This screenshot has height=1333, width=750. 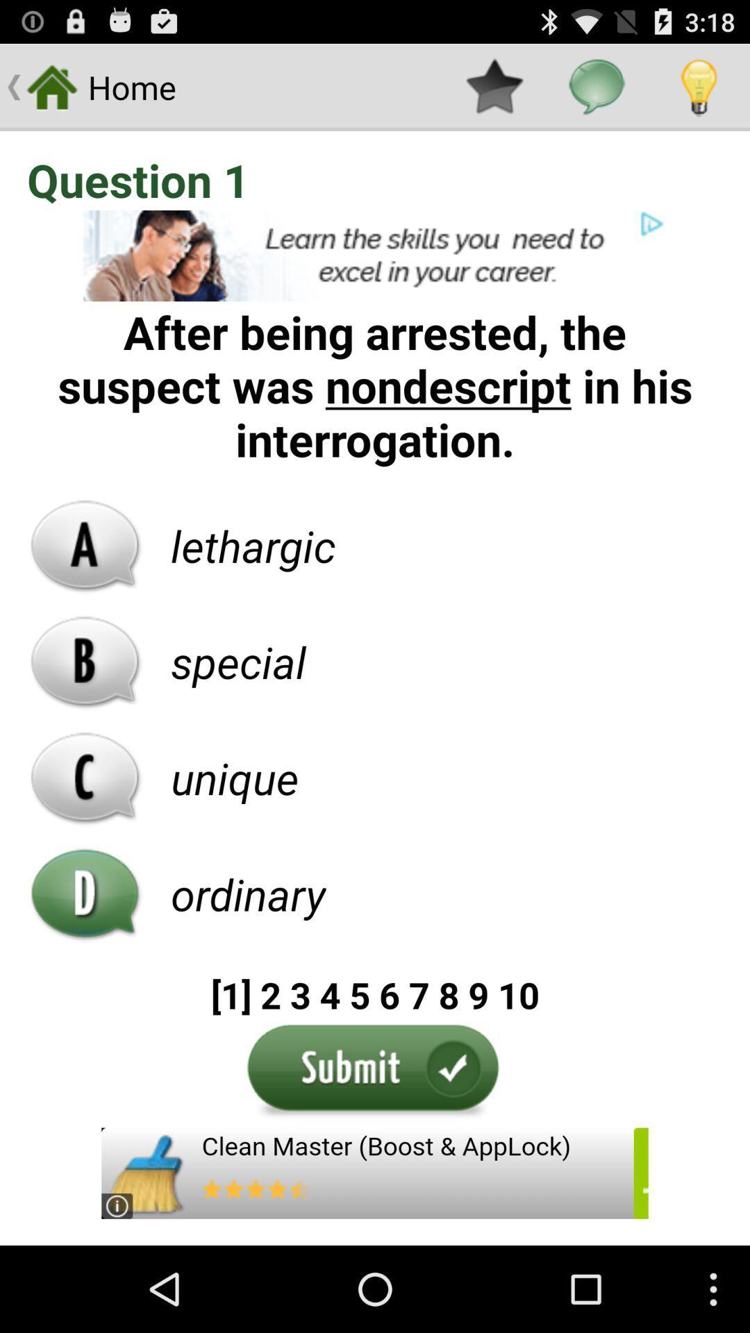 I want to click on the text special which is palced right side of the option b, so click(x=237, y=661).